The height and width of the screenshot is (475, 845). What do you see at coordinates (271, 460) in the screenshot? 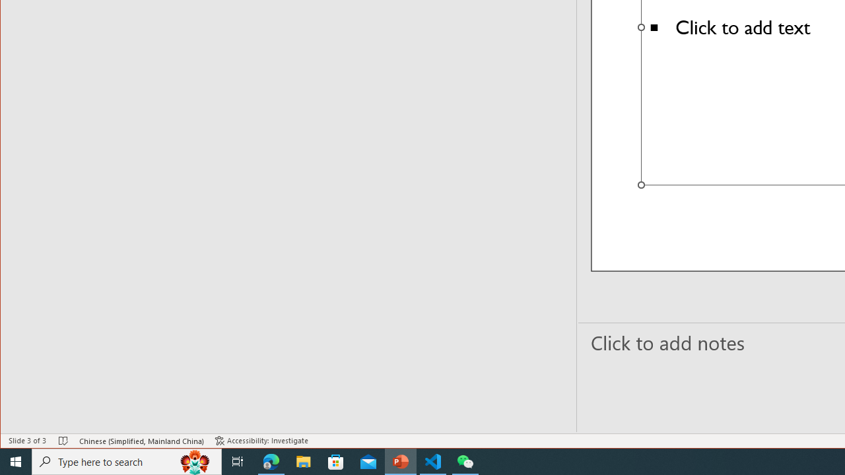
I see `'Microsoft Edge - 1 running window'` at bounding box center [271, 460].